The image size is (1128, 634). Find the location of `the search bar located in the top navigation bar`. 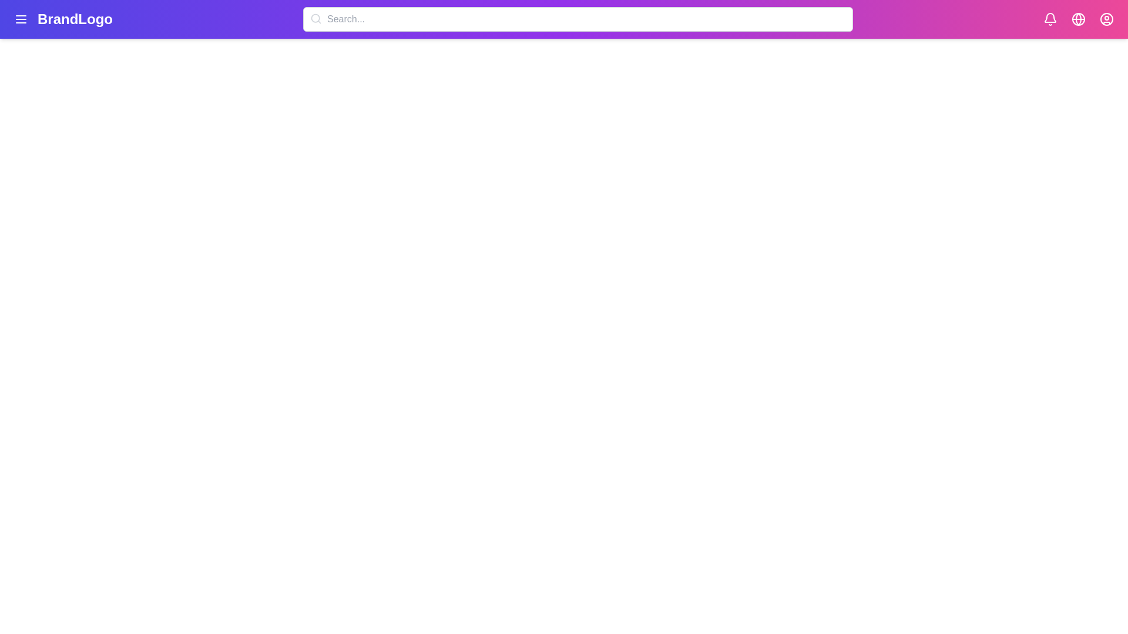

the search bar located in the top navigation bar is located at coordinates (578, 19).